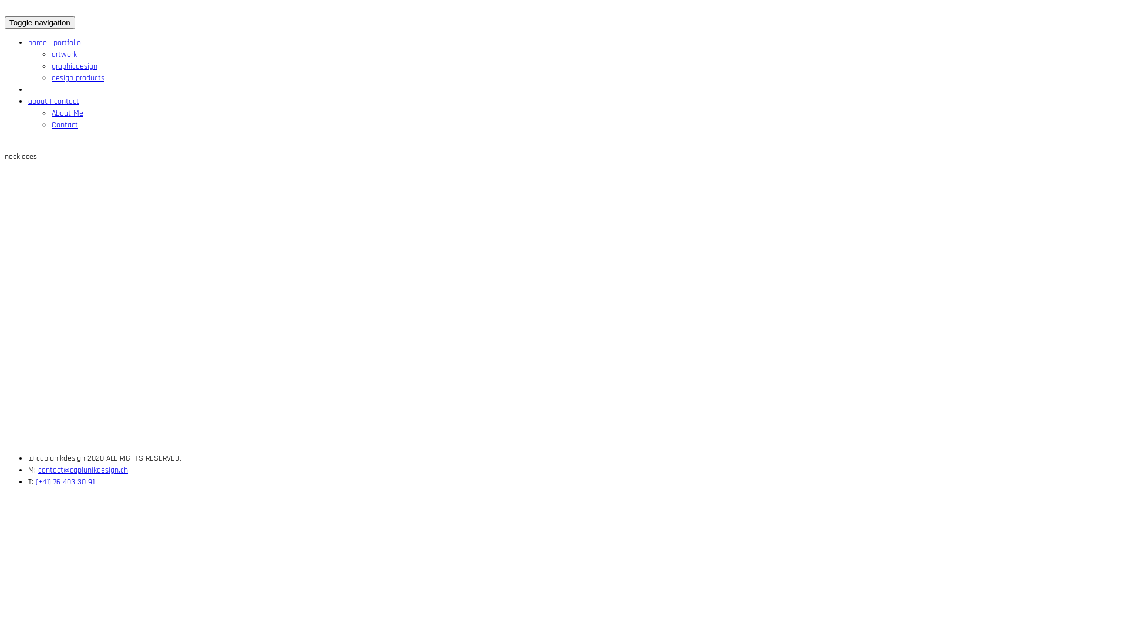 Image resolution: width=1127 pixels, height=634 pixels. What do you see at coordinates (28, 42) in the screenshot?
I see `'home | portfolio'` at bounding box center [28, 42].